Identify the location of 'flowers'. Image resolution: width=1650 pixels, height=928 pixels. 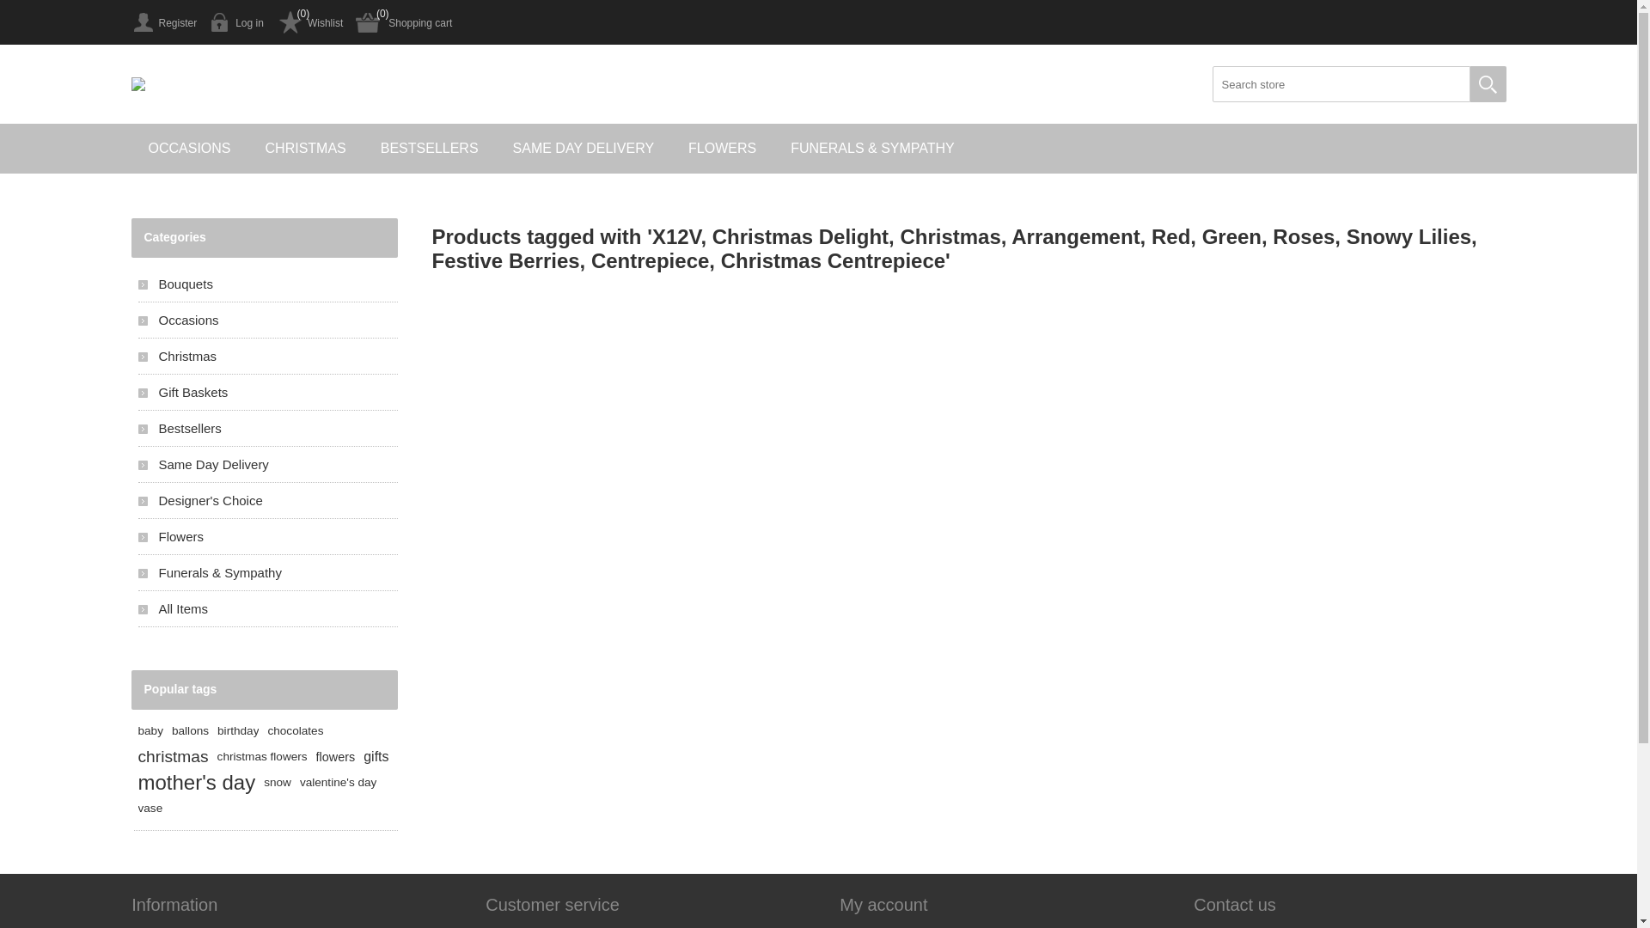
(335, 755).